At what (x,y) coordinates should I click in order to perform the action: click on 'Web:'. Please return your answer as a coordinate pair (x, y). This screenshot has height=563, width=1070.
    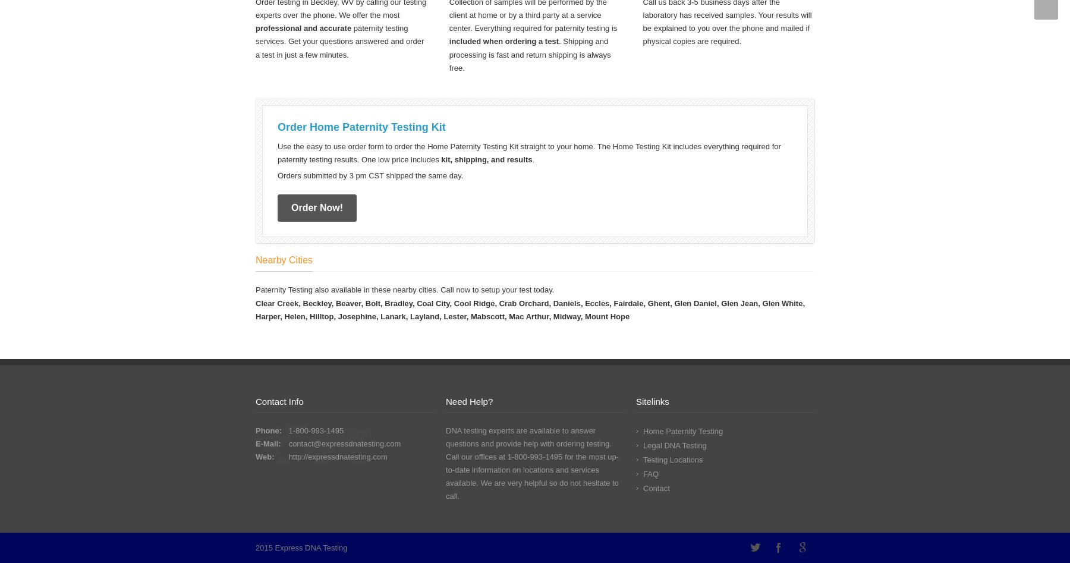
    Looking at the image, I should click on (265, 456).